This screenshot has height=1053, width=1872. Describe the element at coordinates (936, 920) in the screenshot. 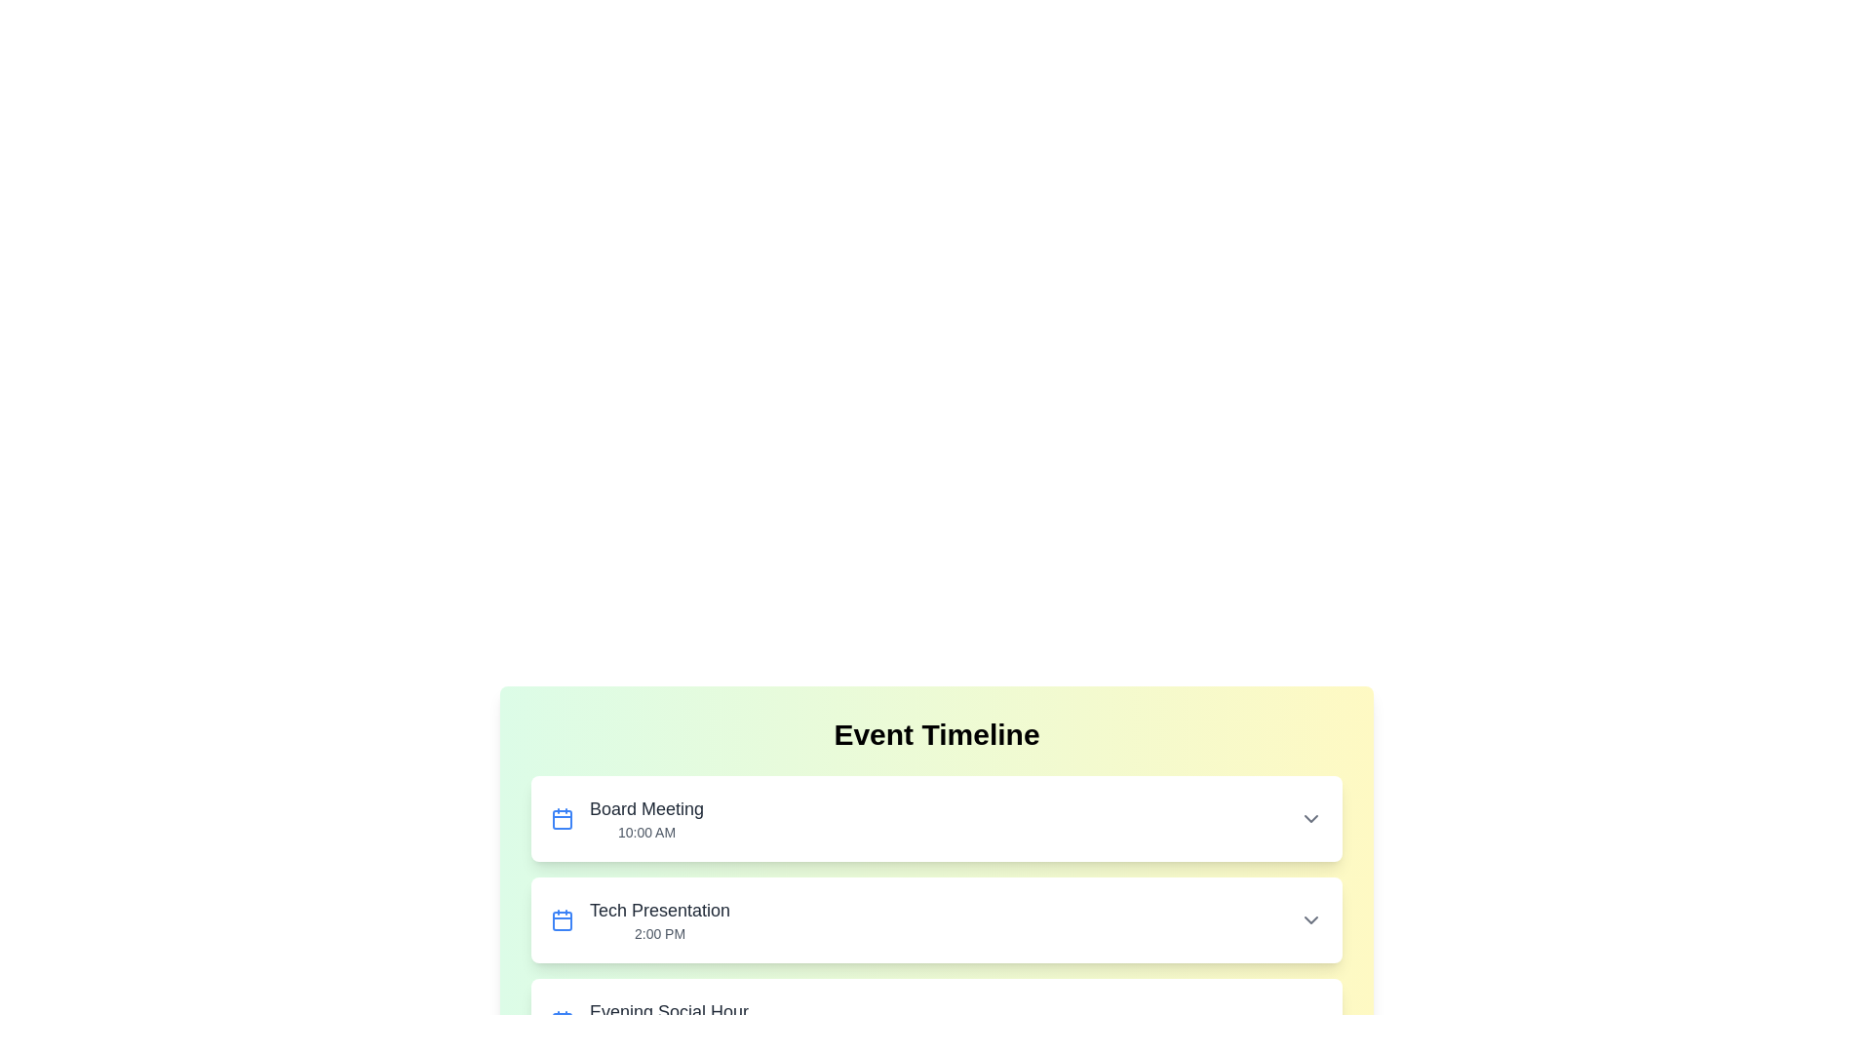

I see `the second entry in the event timeline that displays its title and scheduled time, located between 'Board Meeting' and 'Evening Social Hour'` at that location.